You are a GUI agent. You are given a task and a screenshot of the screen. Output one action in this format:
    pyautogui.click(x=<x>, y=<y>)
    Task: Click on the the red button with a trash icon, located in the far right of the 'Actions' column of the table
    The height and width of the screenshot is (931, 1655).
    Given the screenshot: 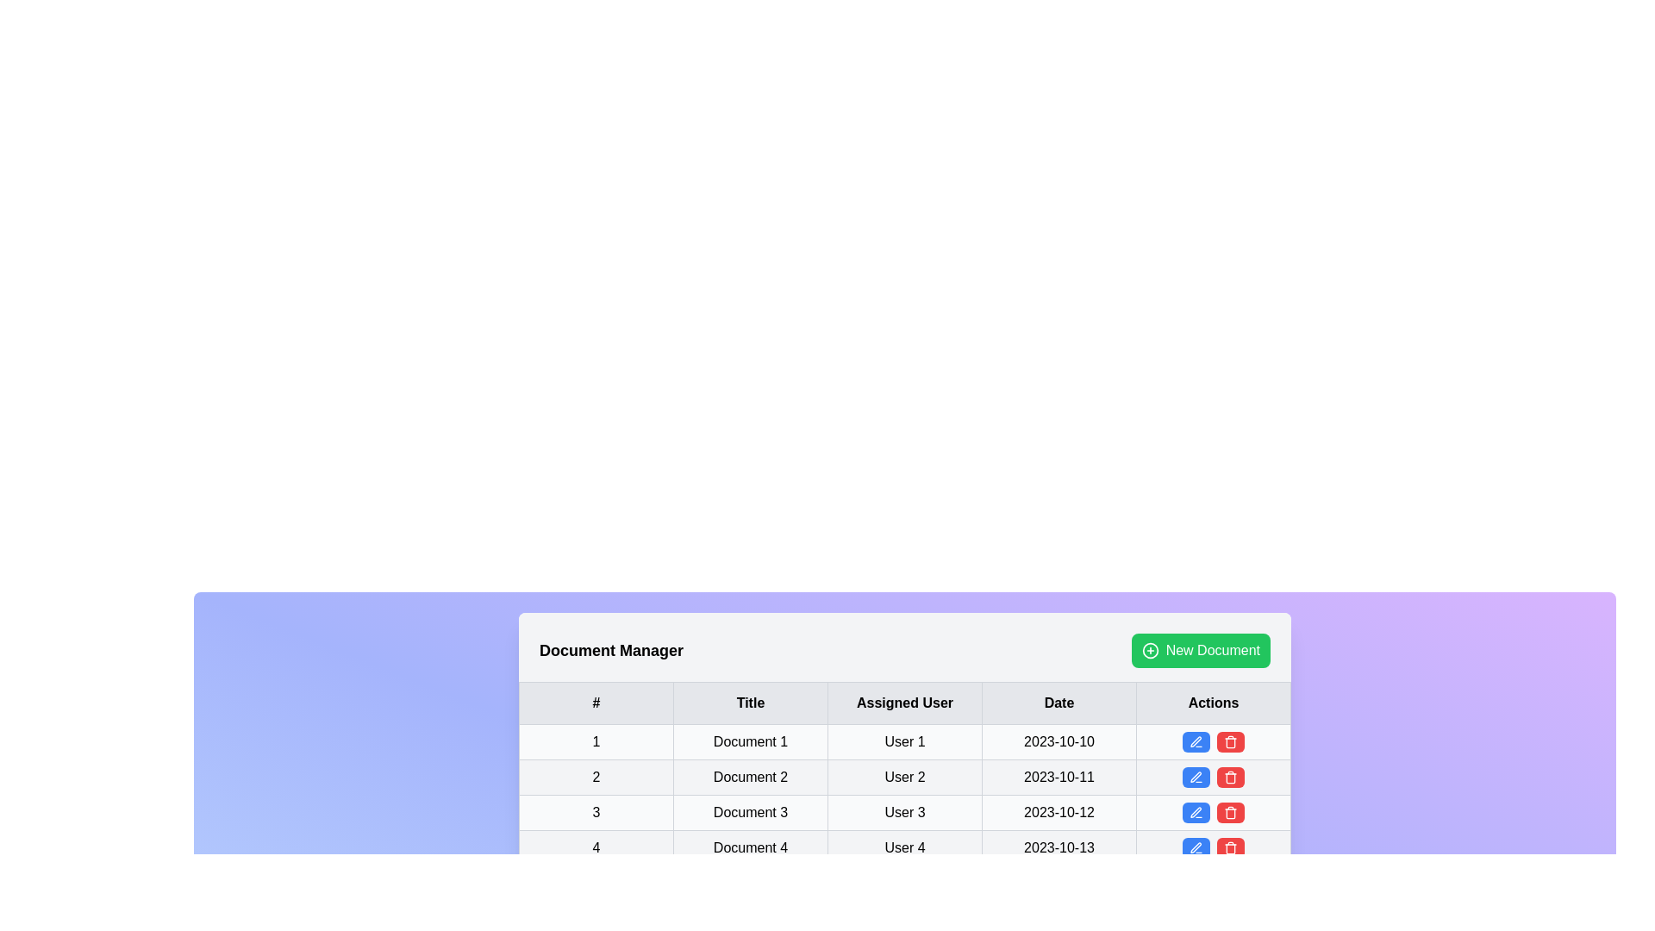 What is the action you would take?
    pyautogui.click(x=1230, y=847)
    